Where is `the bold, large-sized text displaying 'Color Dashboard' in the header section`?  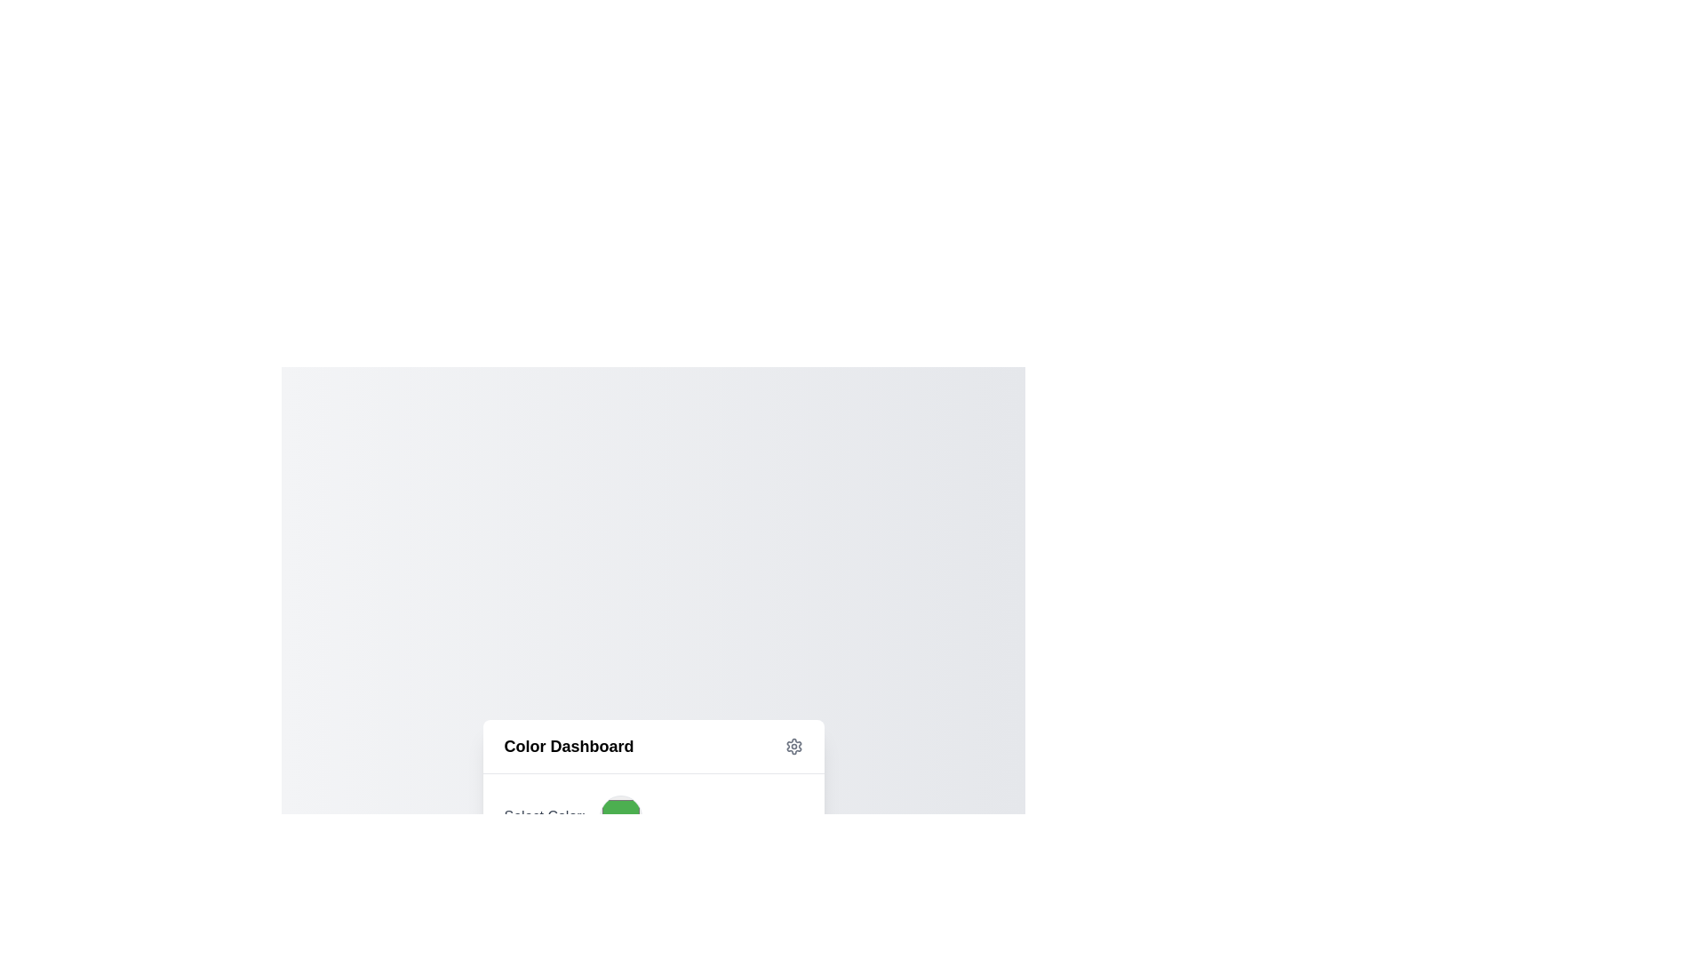 the bold, large-sized text displaying 'Color Dashboard' in the header section is located at coordinates (569, 747).